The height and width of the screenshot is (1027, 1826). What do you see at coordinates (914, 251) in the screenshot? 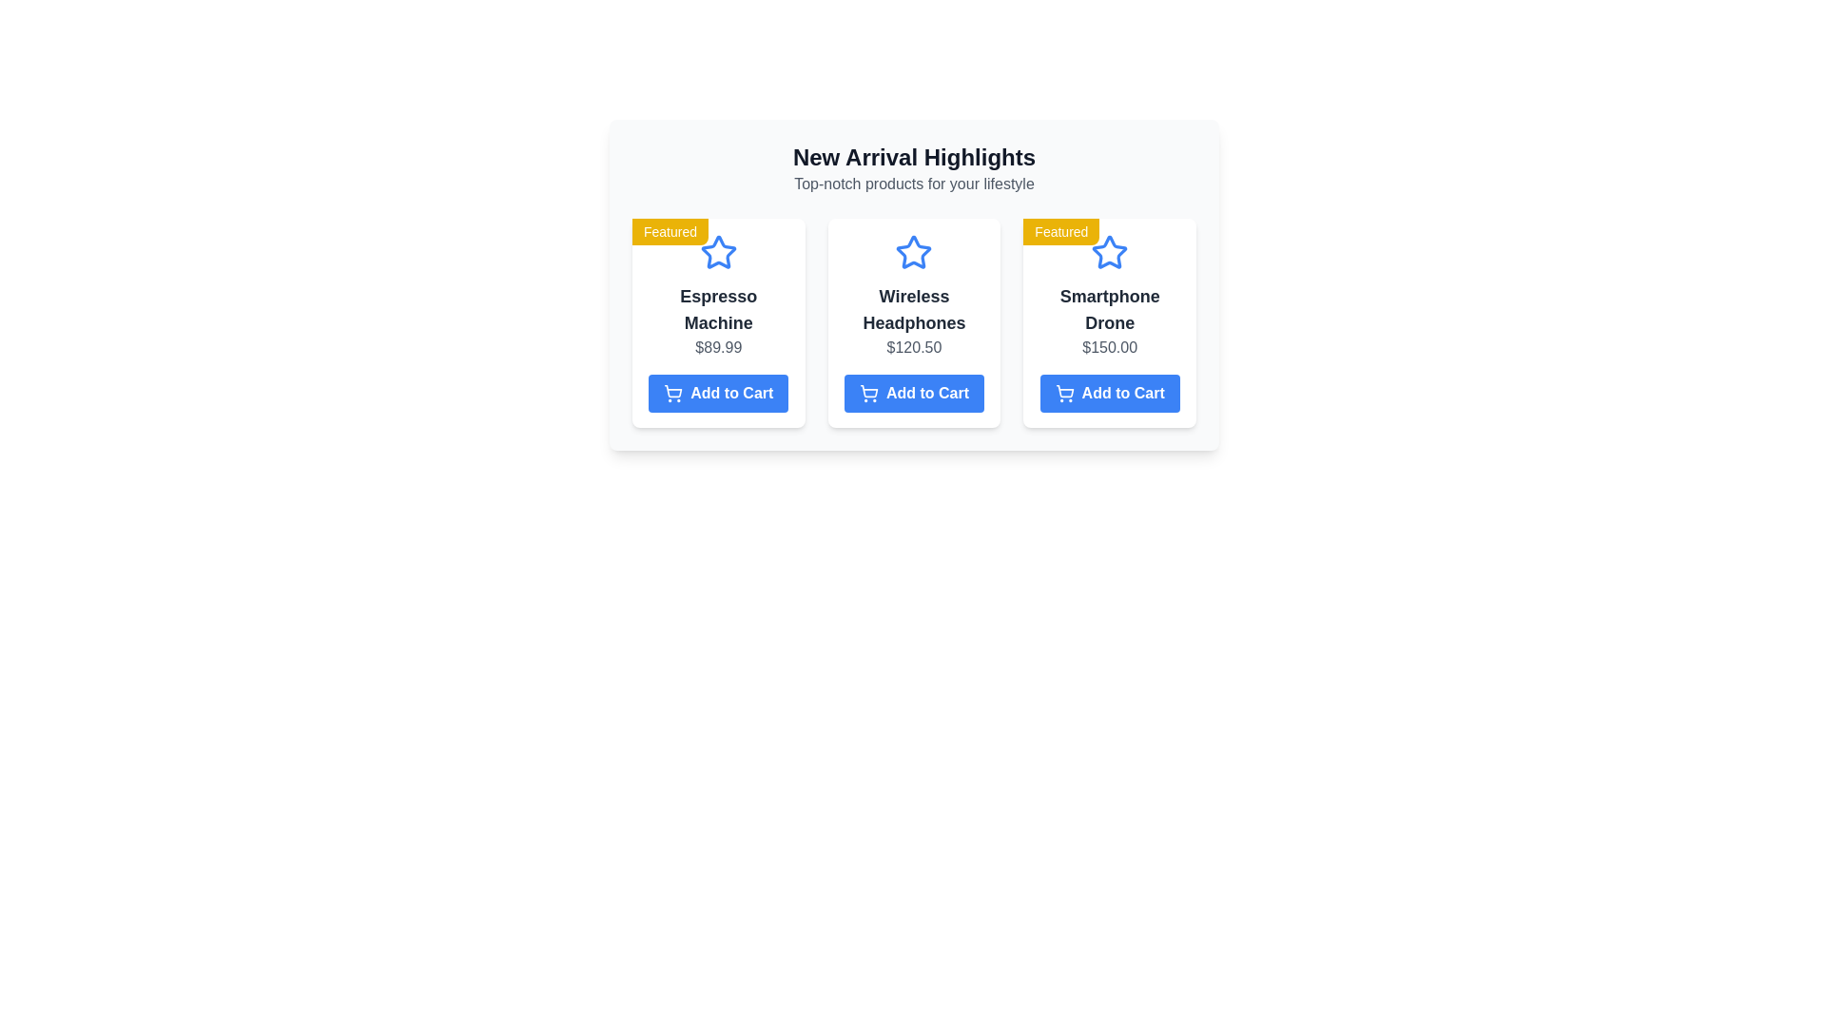
I see `the star-shaped icon with blue outlines located below the 'Featured' label and above the product title in the 'Wireless Headphones' card to interact with it` at bounding box center [914, 251].